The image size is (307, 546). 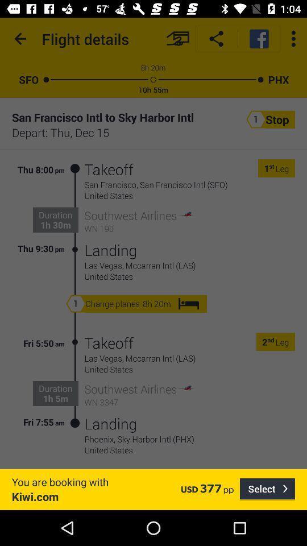 I want to click on icon to the left of the takeoff item, so click(x=75, y=209).